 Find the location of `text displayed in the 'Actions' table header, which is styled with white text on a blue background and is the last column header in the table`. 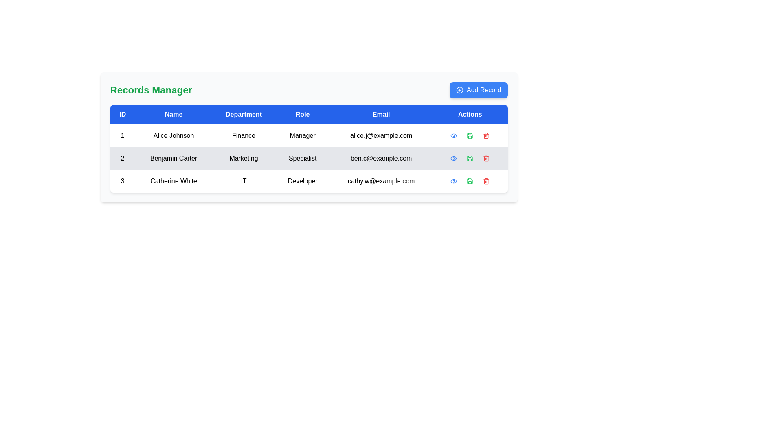

text displayed in the 'Actions' table header, which is styled with white text on a blue background and is the last column header in the table is located at coordinates (470, 114).